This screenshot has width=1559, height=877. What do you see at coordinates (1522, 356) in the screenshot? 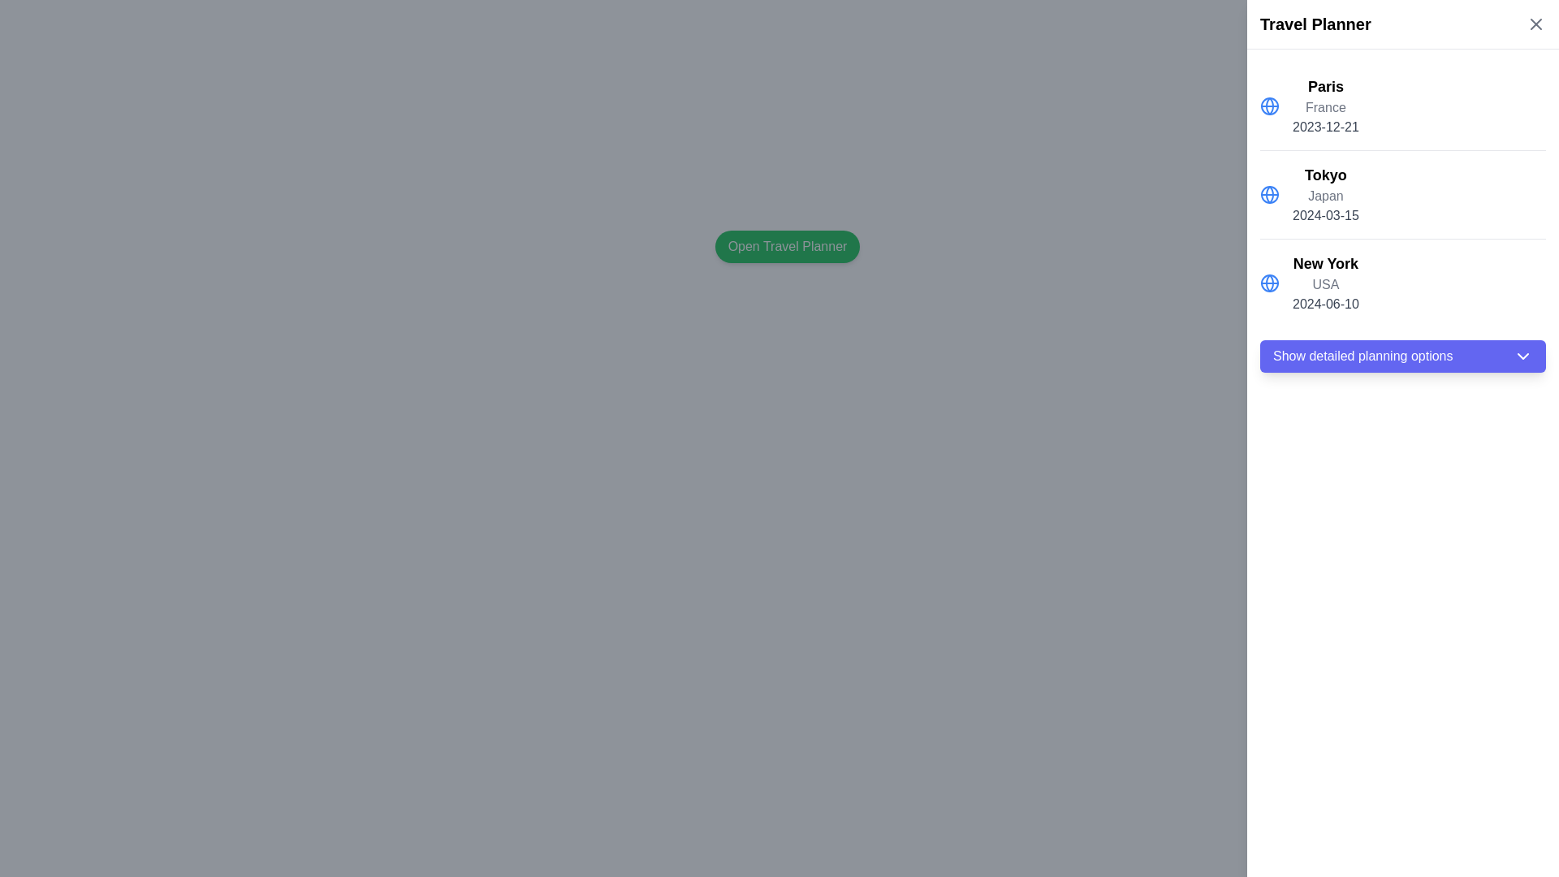
I see `the downward-pointing chevron icon located inside the 'Show detailed planning options' button` at bounding box center [1522, 356].